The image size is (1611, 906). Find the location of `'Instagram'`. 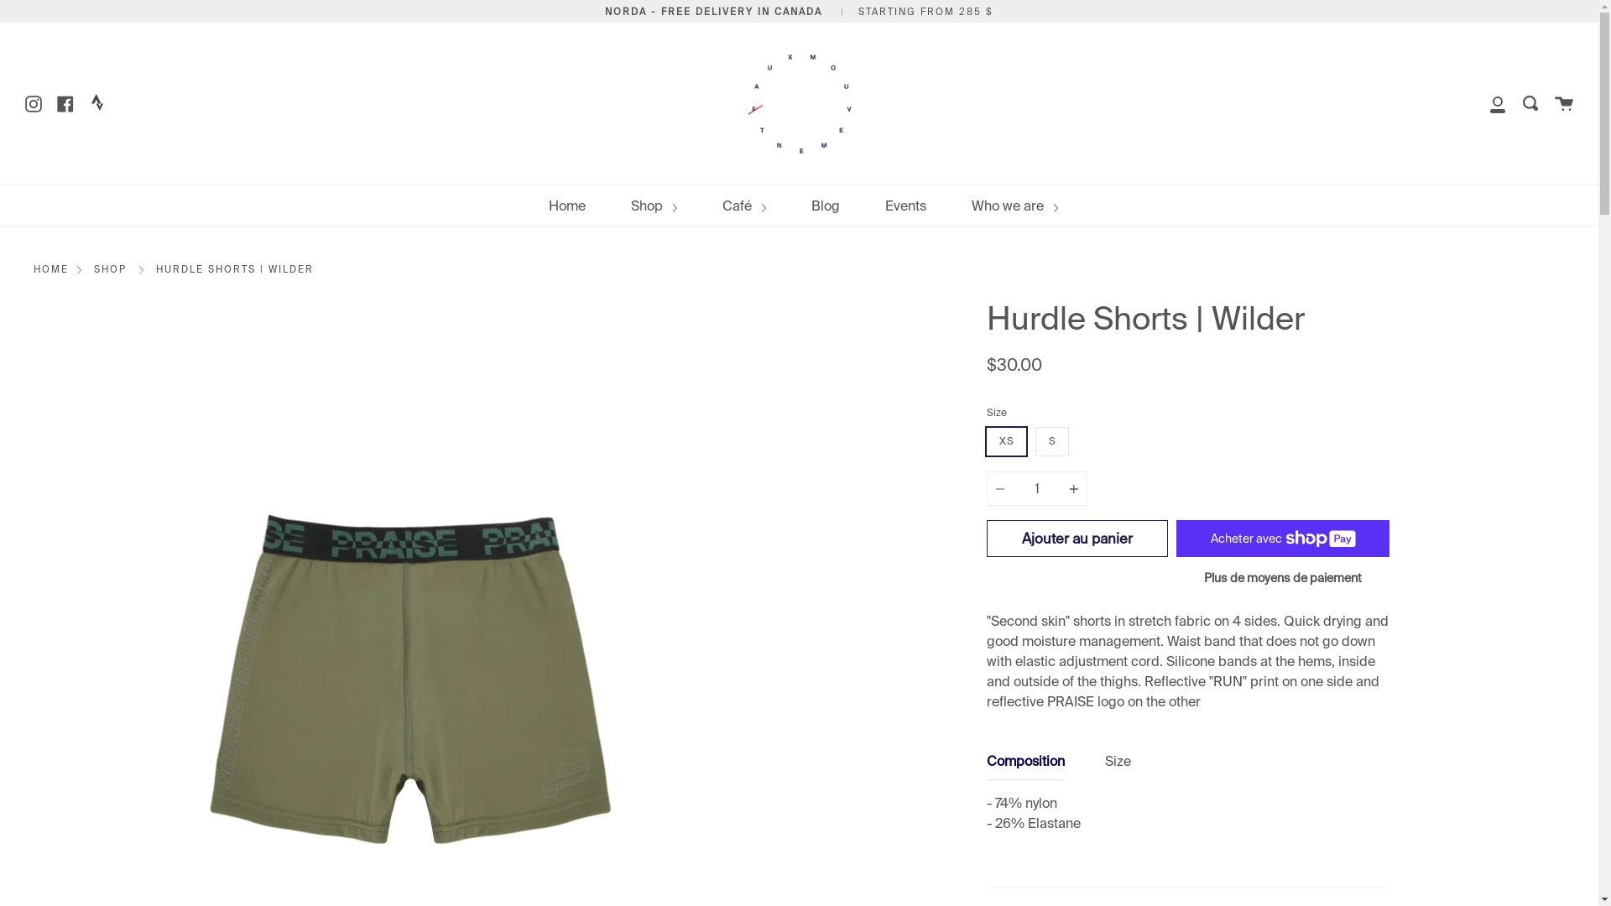

'Instagram' is located at coordinates (33, 102).